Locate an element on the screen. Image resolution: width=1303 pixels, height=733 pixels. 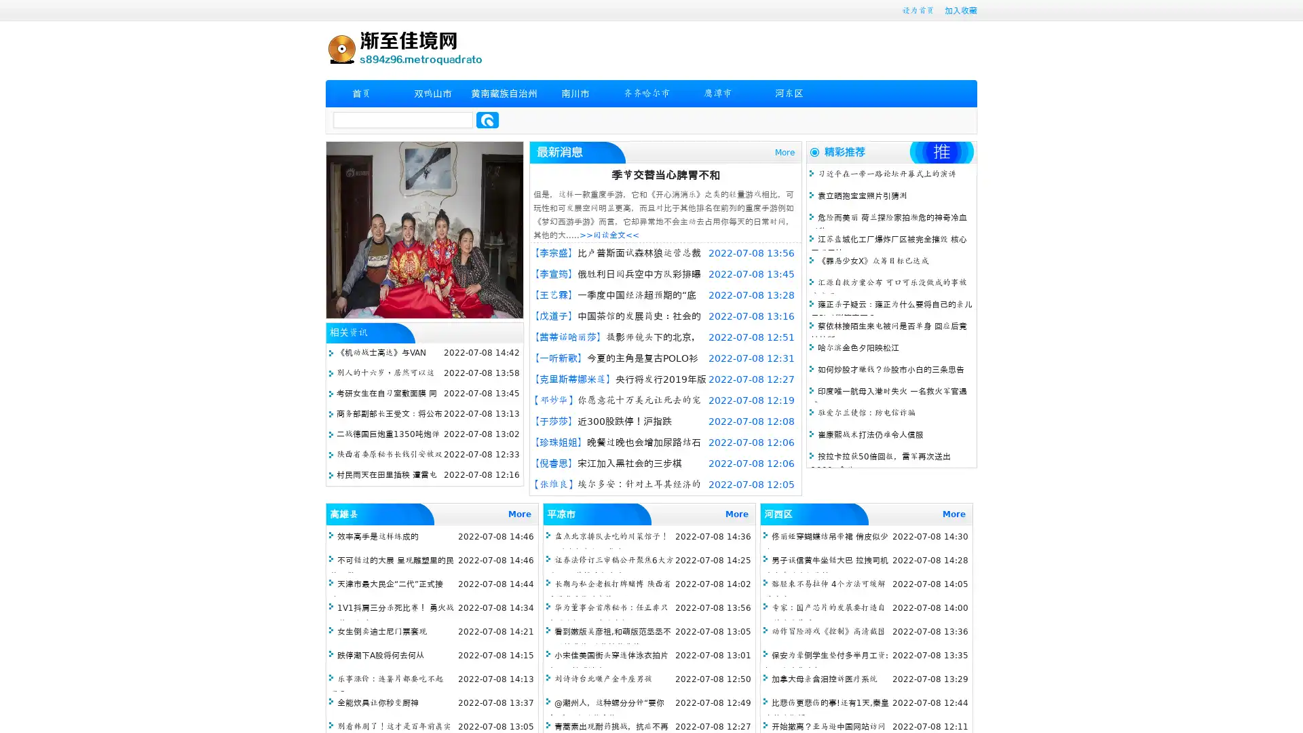
Search is located at coordinates (487, 119).